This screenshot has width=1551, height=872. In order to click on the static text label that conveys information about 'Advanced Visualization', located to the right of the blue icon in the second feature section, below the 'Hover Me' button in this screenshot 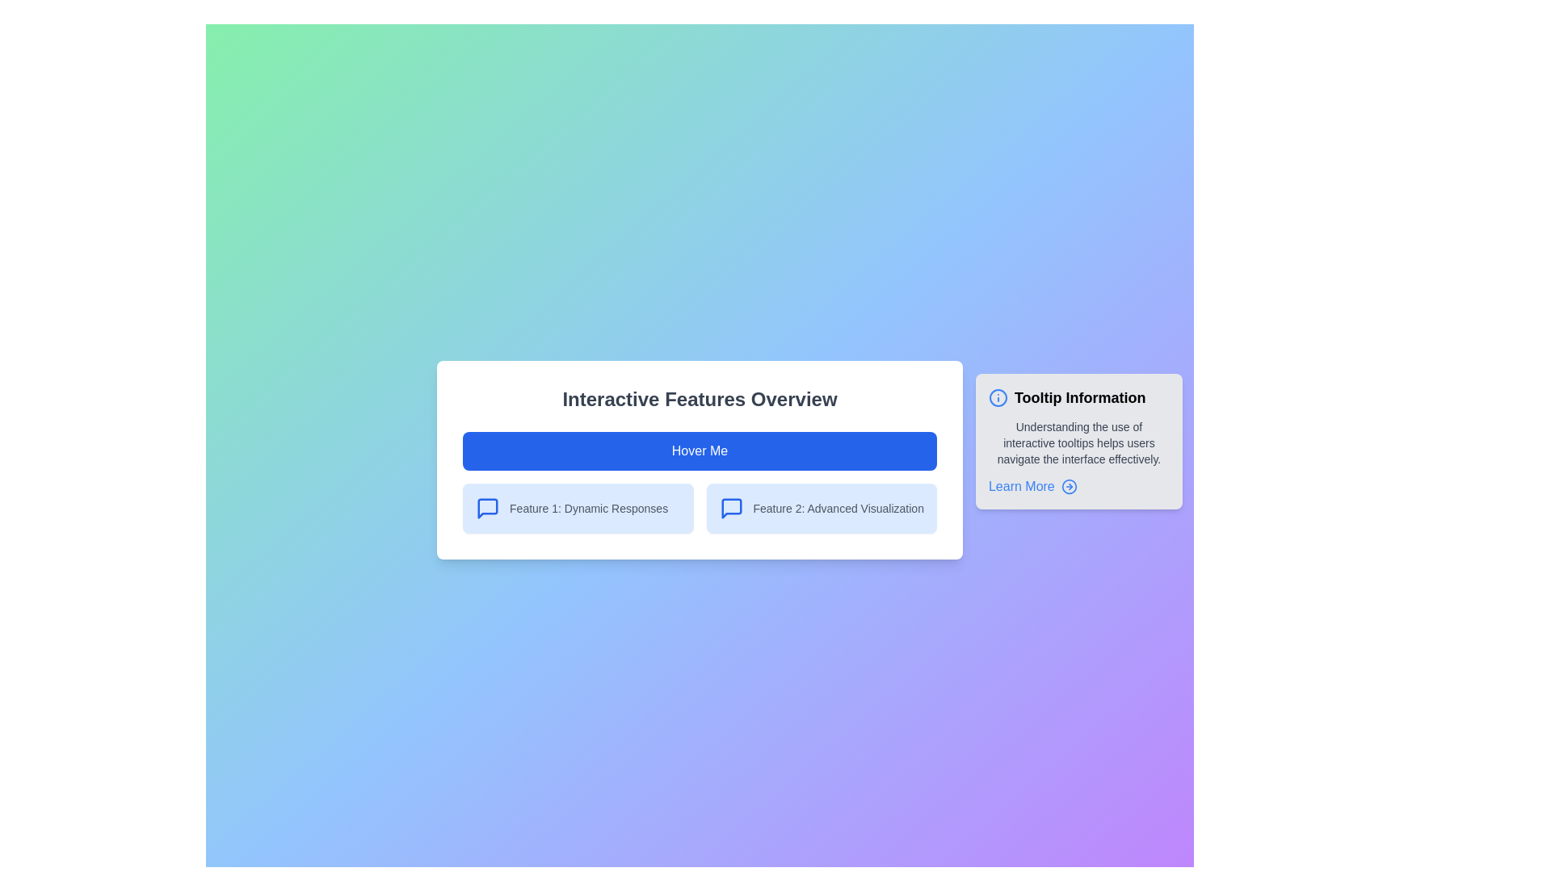, I will do `click(839, 507)`.